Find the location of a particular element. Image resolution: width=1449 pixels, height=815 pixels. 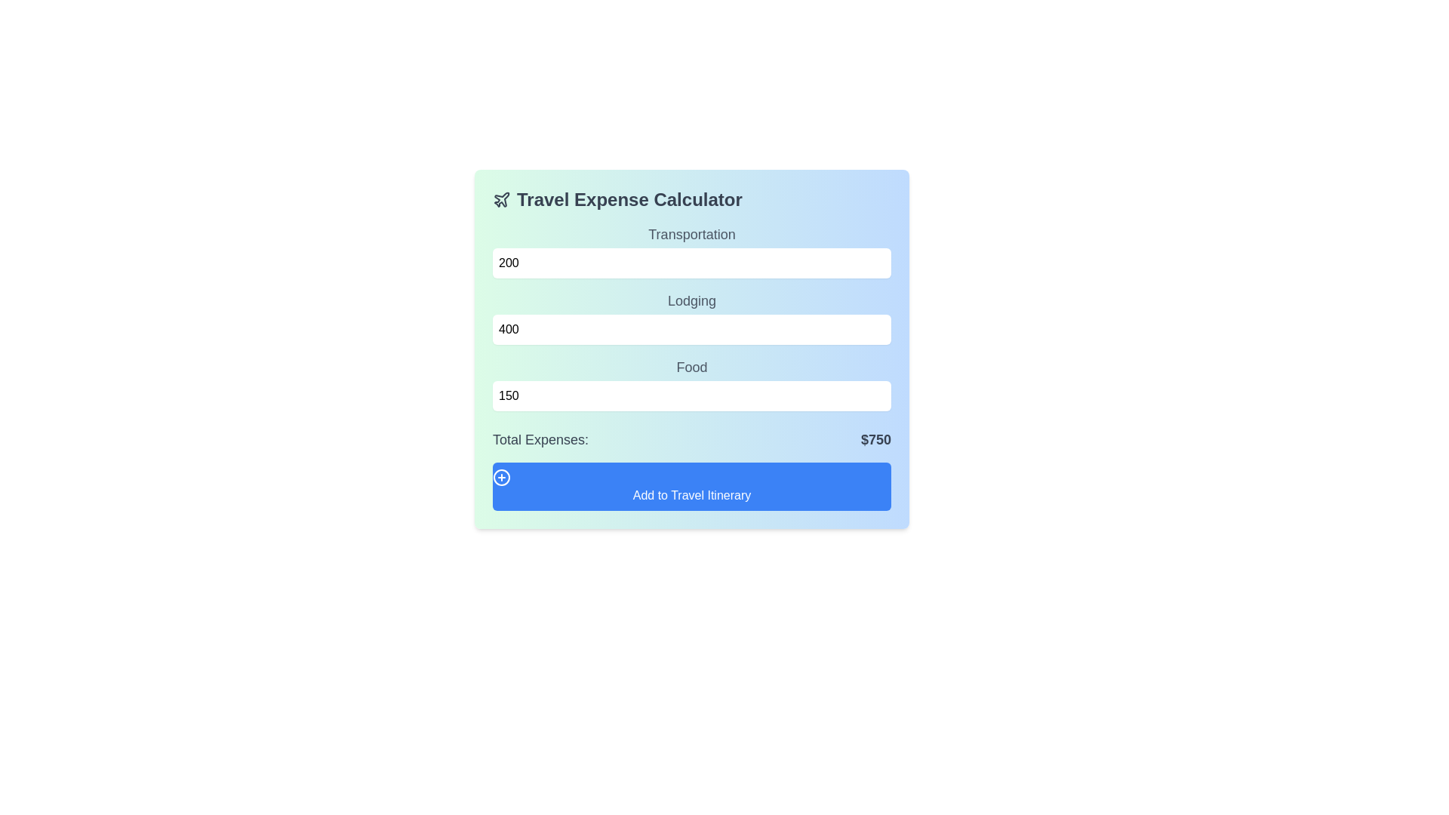

the button located at the bottom of the 'Travel Expense Calculator' card is located at coordinates (691, 486).